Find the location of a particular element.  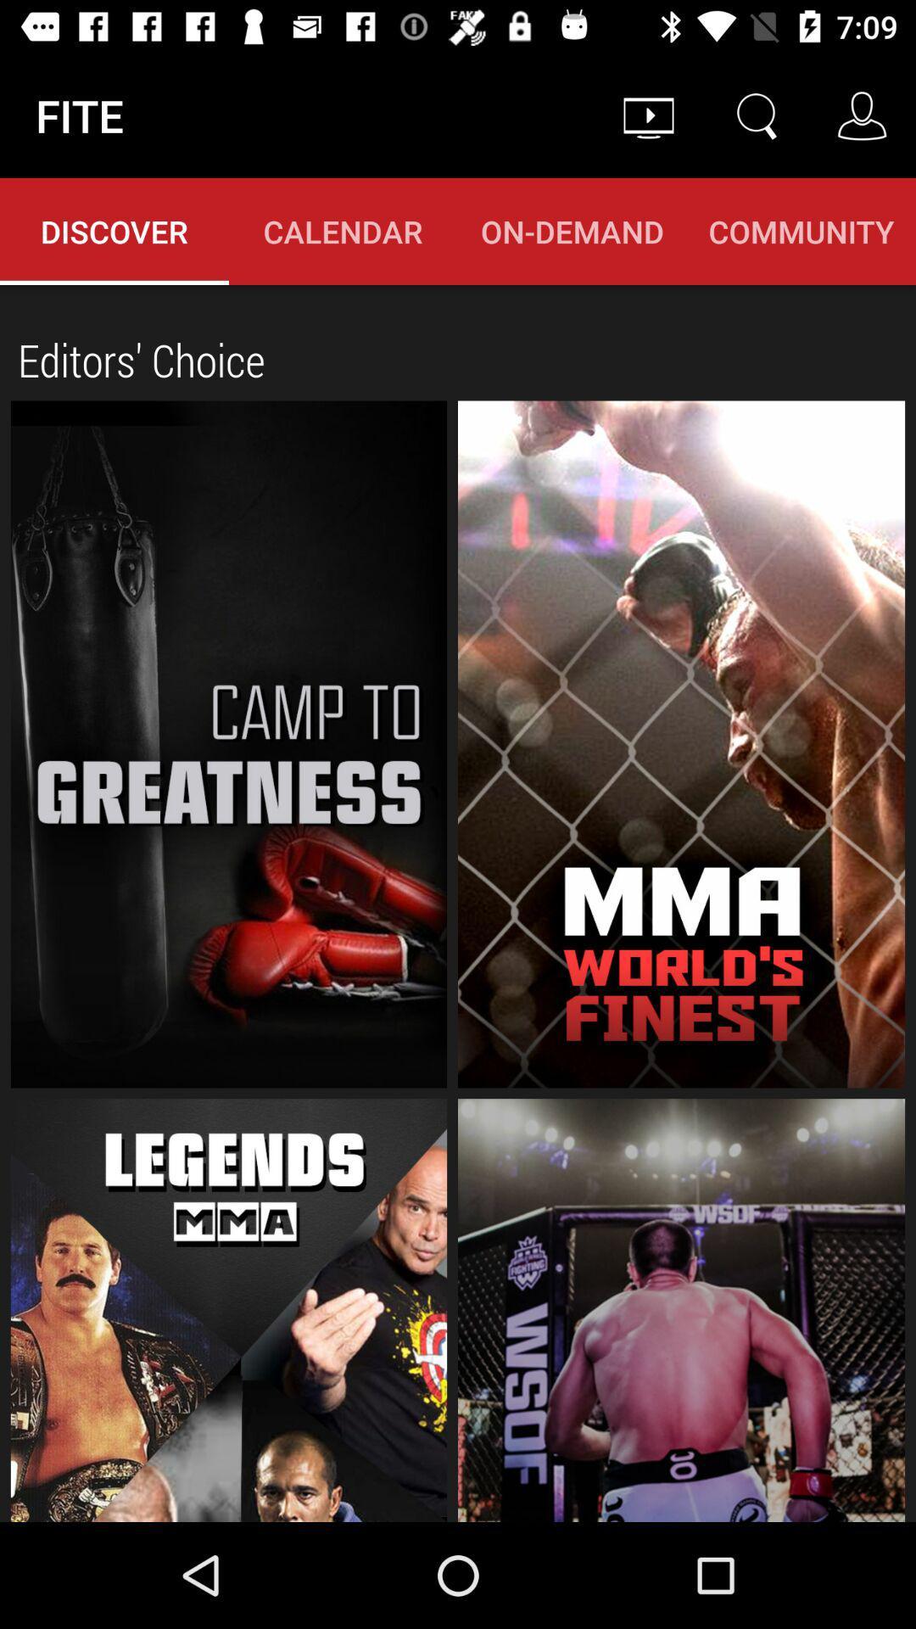

the app to the right of fite item is located at coordinates (648, 115).